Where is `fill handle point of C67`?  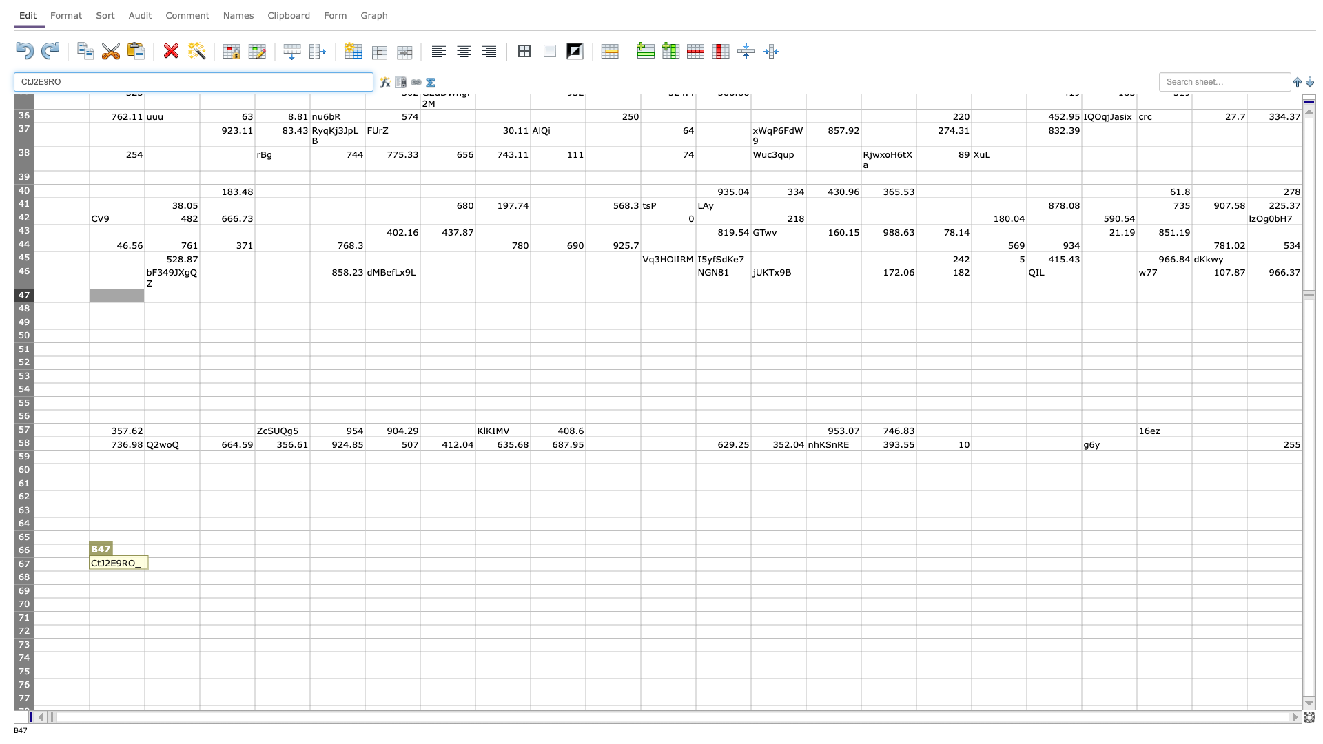 fill handle point of C67 is located at coordinates (198, 571).